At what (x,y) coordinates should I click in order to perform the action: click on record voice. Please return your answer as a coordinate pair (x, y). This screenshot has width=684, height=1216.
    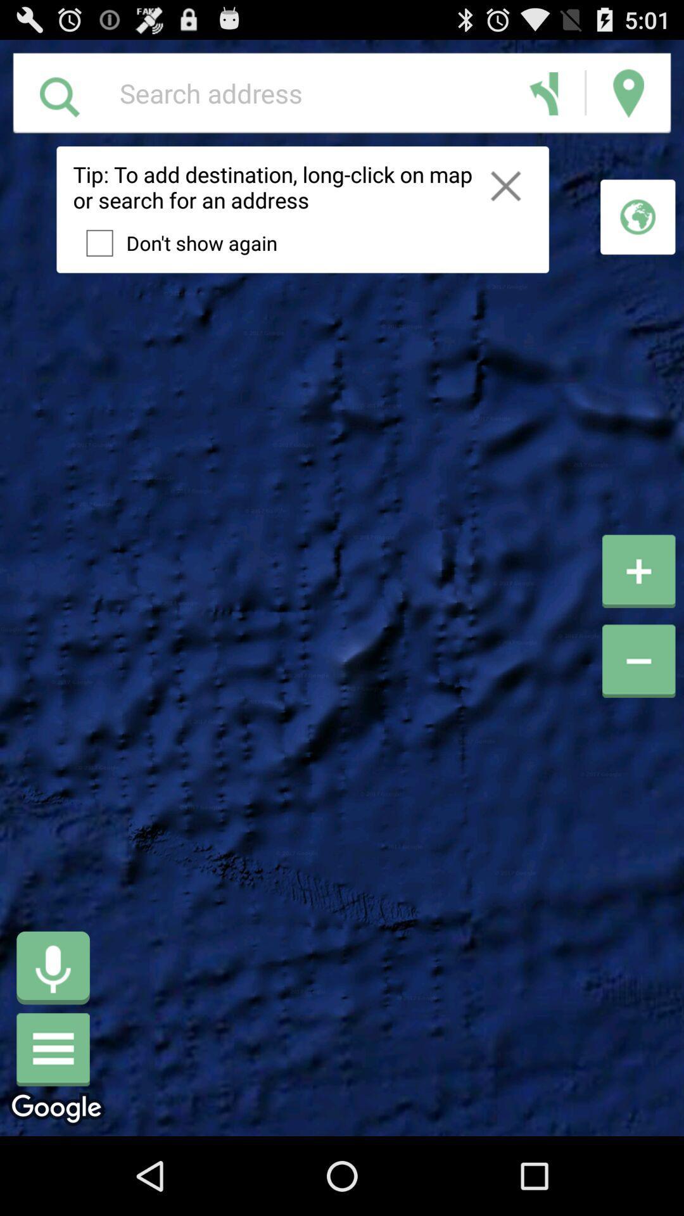
    Looking at the image, I should click on (53, 967).